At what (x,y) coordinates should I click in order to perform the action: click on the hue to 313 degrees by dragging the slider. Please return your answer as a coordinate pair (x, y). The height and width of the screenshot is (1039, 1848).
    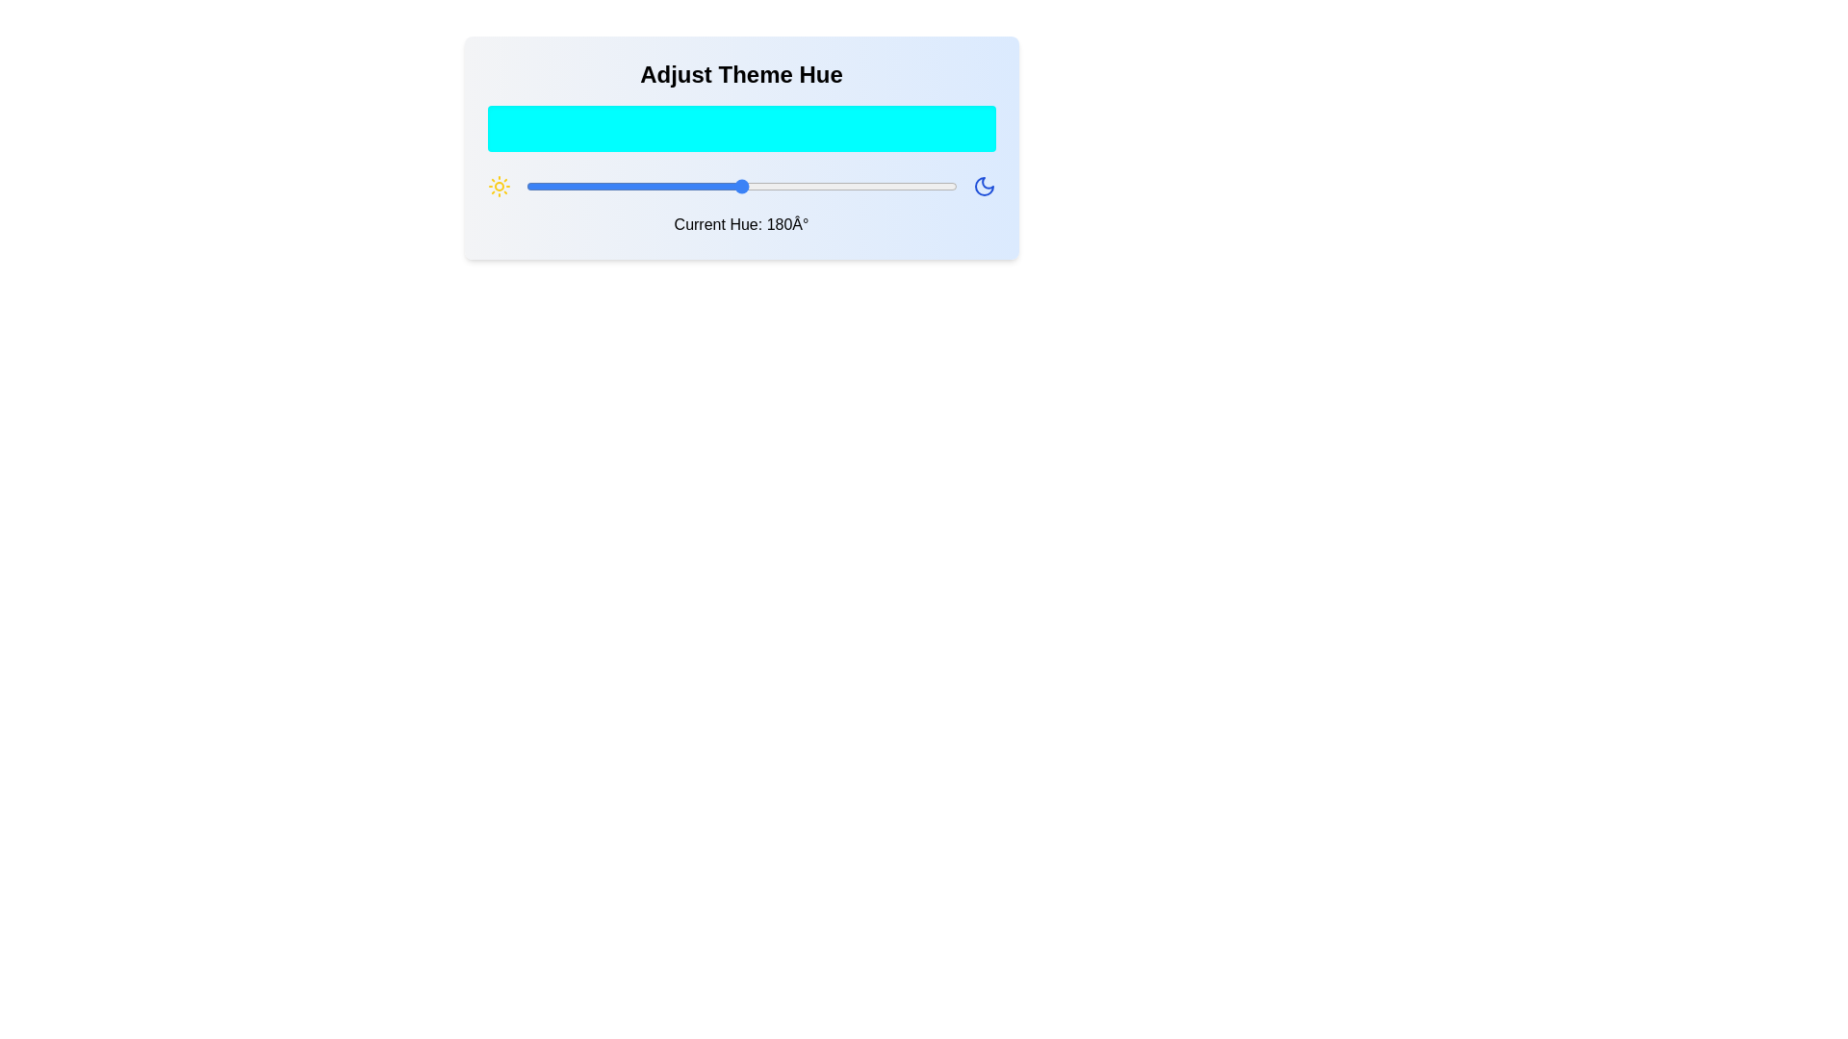
    Looking at the image, I should click on (900, 186).